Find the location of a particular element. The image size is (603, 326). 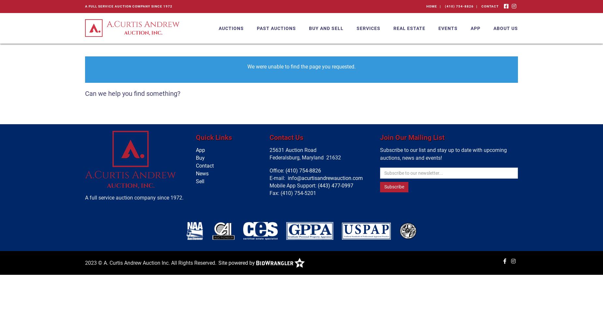

'Sell' is located at coordinates (200, 181).